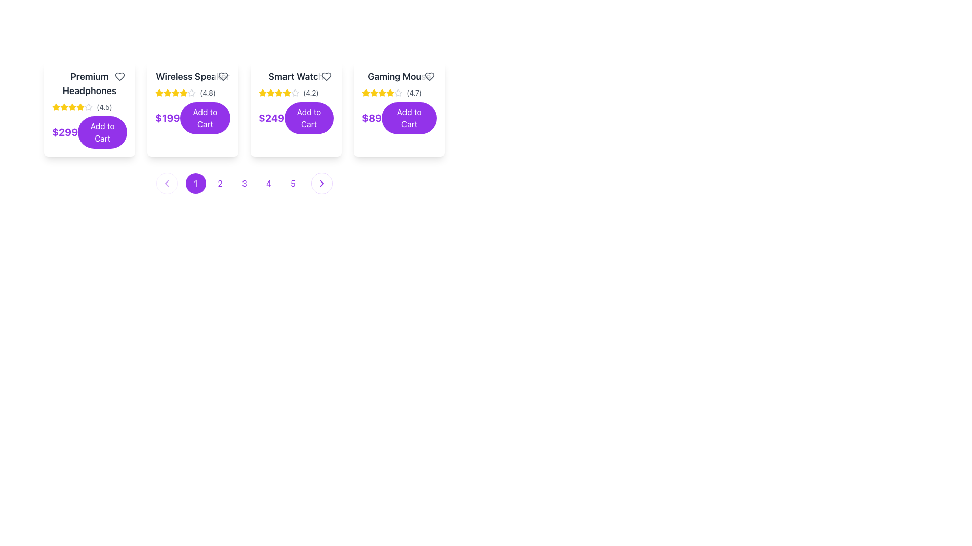 This screenshot has height=546, width=972. Describe the element at coordinates (326, 76) in the screenshot. I see `the heart icon button located at the top-right corner of the 'Smart Watch' product card to interact with it` at that location.